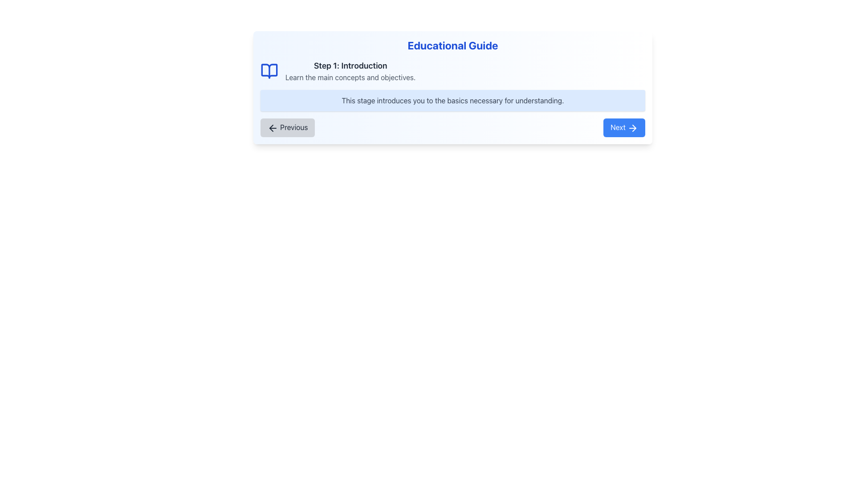 Image resolution: width=855 pixels, height=481 pixels. Describe the element at coordinates (273, 127) in the screenshot. I see `the left-pointing arrow icon within the 'Previous' button` at that location.